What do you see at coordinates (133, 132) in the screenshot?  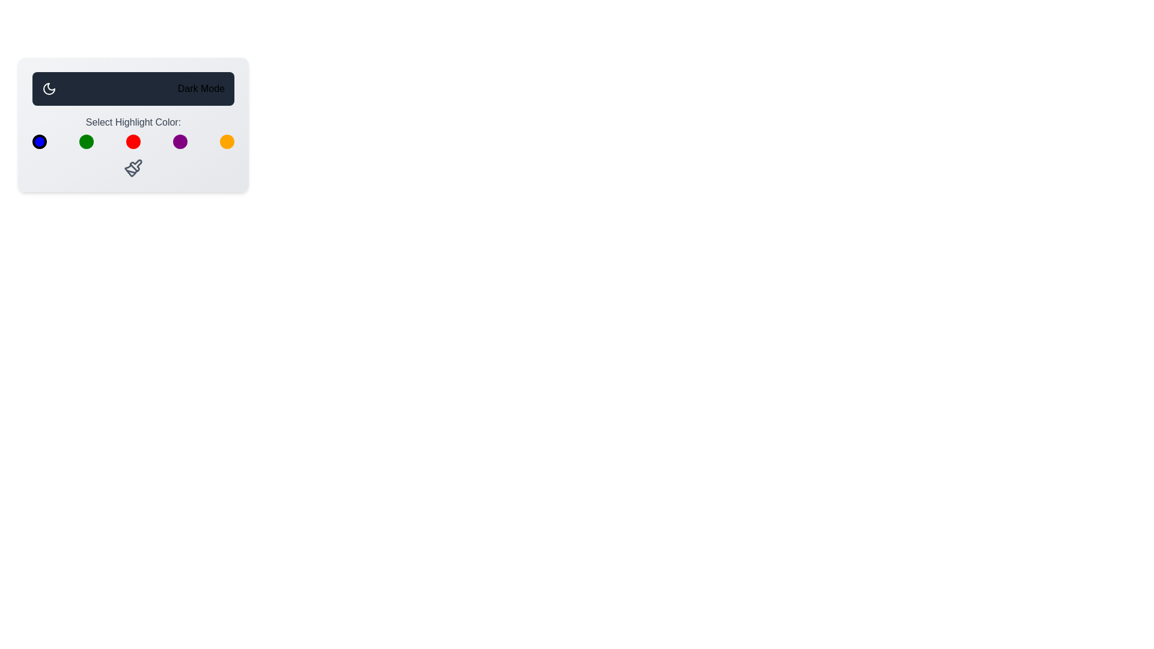 I see `the text label 'Select Highlight Color:' which is styled in gray and positioned above the circular color selectors` at bounding box center [133, 132].